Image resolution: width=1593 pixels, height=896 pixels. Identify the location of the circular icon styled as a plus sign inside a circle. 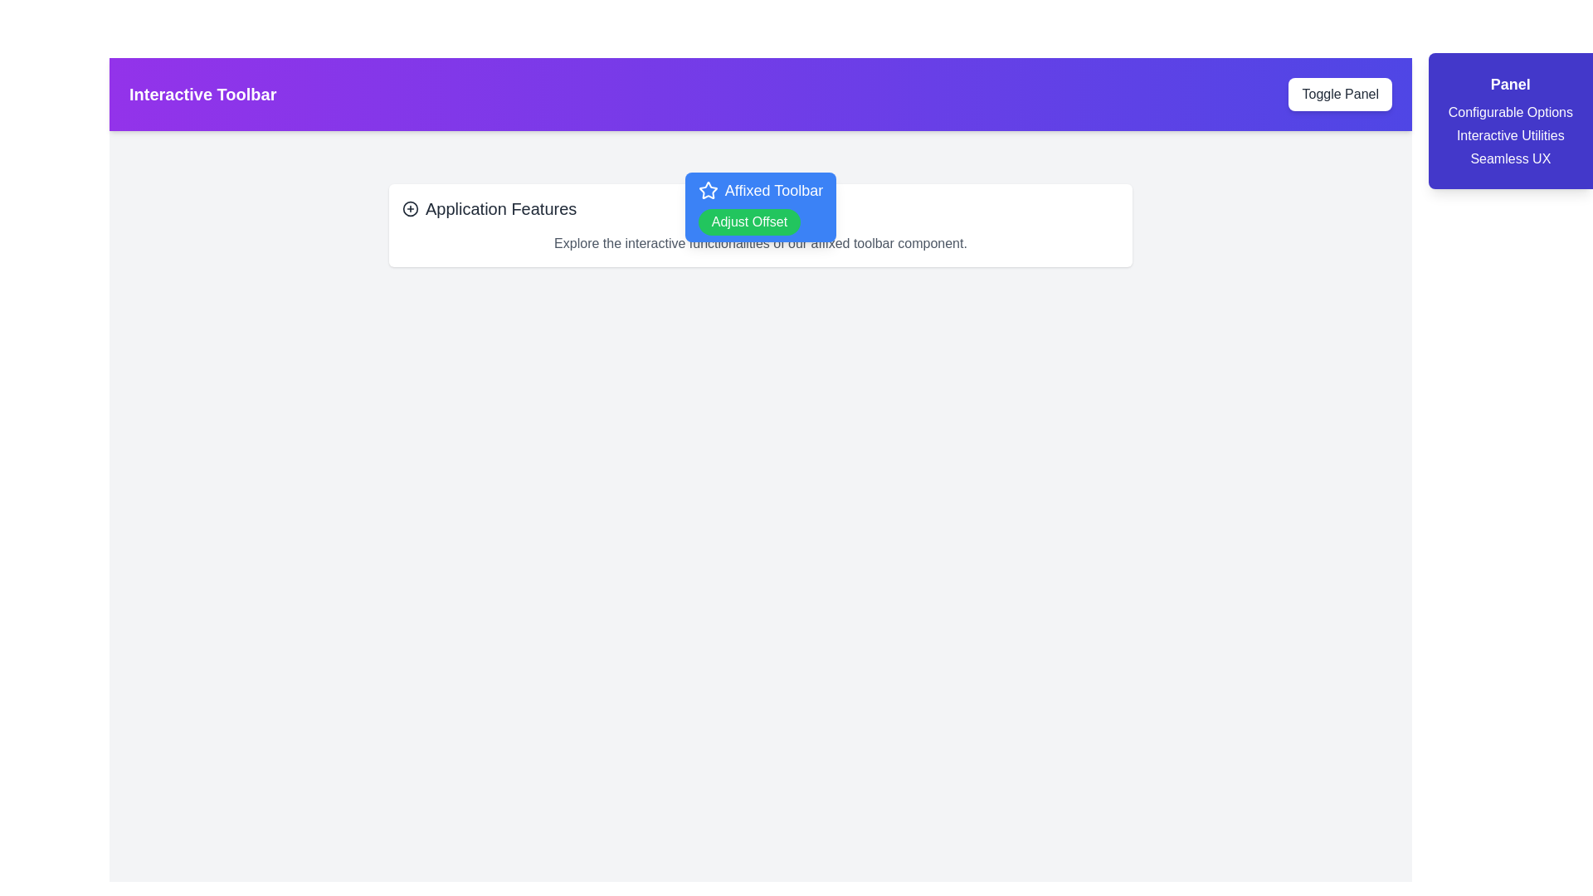
(410, 207).